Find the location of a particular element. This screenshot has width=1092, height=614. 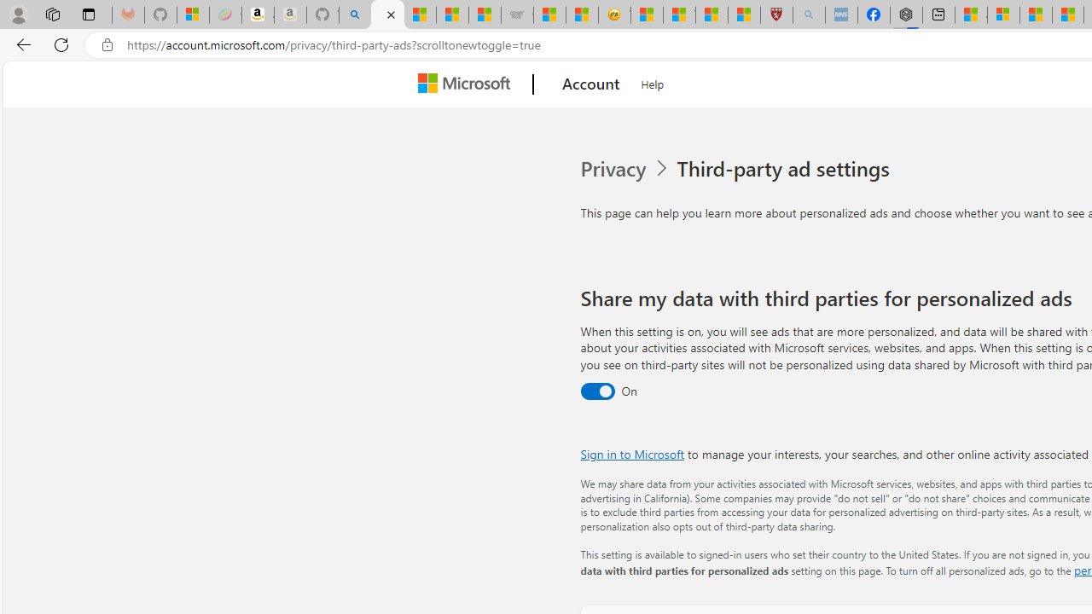

'NCL Adult Asthma Inhaler Choice Guideline - Sleeping' is located at coordinates (841, 14).